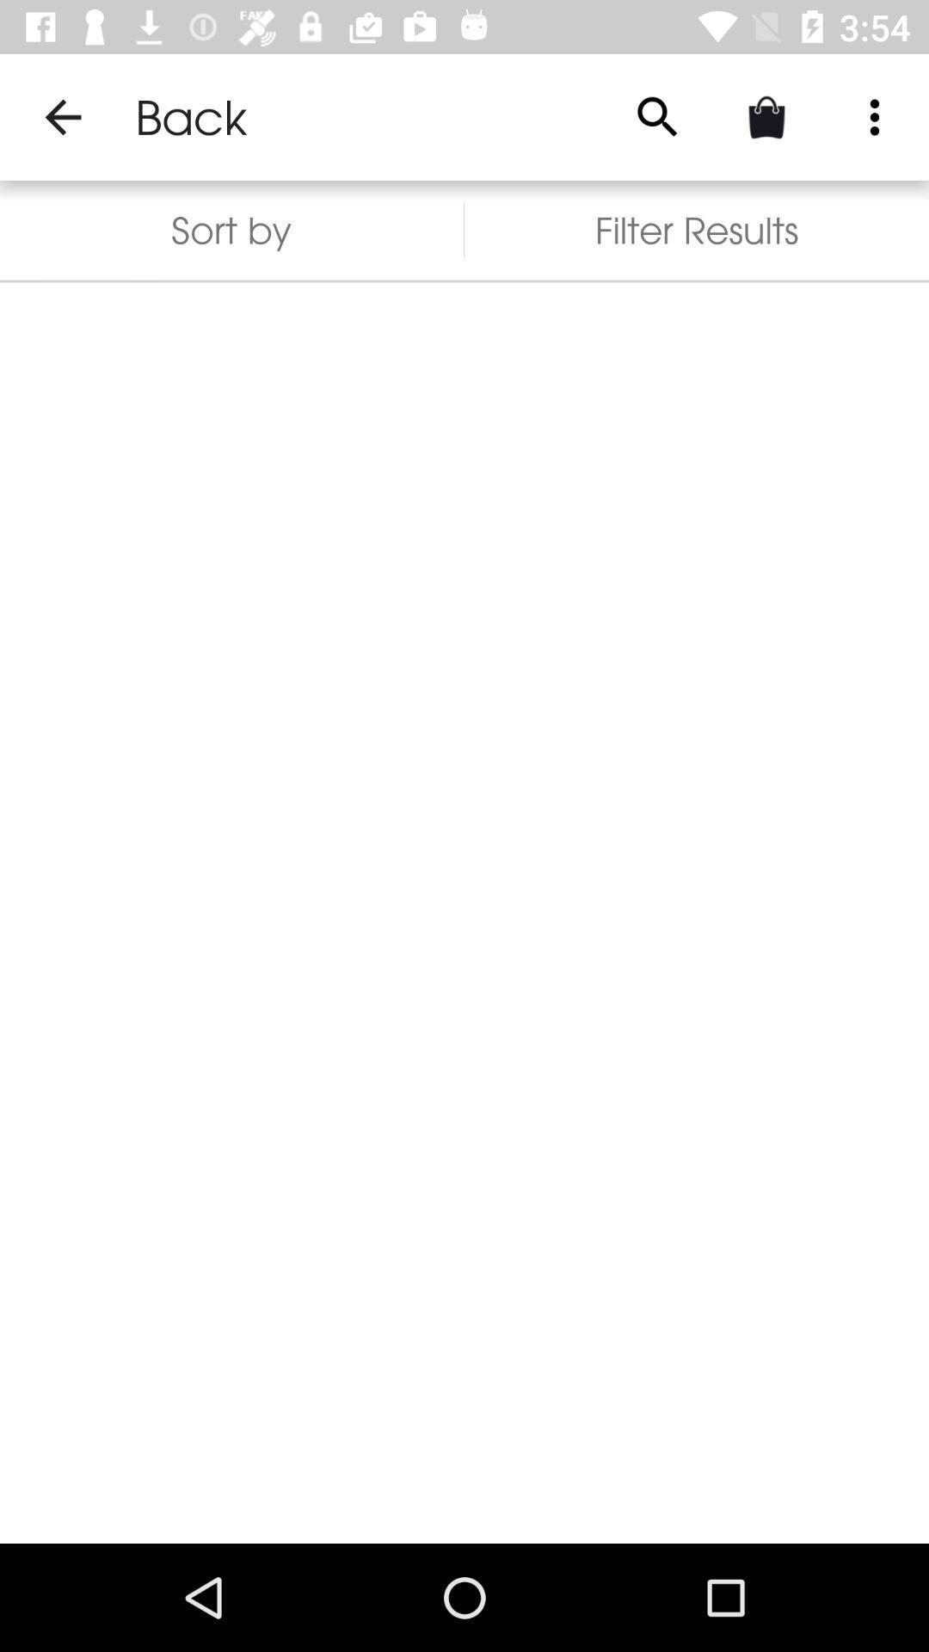 This screenshot has height=1652, width=929. What do you see at coordinates (697, 229) in the screenshot?
I see `filter results icon` at bounding box center [697, 229].